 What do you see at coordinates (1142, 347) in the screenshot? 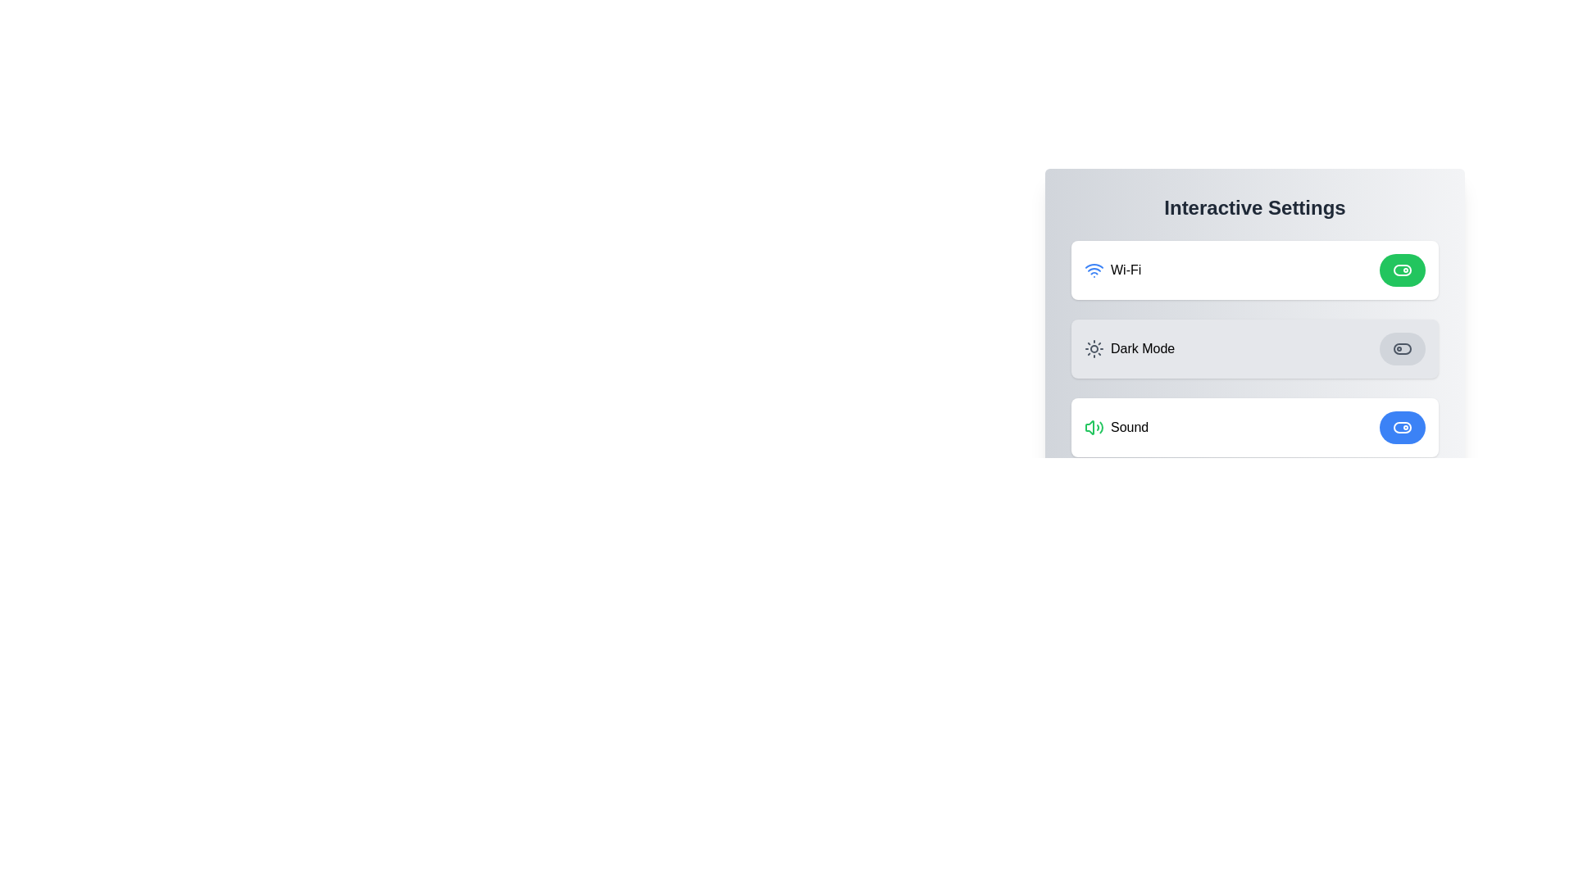
I see `the 'Dark Mode' text label in the settings menu, which is styled with a medium-weight font and is positioned between the 'Wi-Fi' and 'Sound' labels` at bounding box center [1142, 347].